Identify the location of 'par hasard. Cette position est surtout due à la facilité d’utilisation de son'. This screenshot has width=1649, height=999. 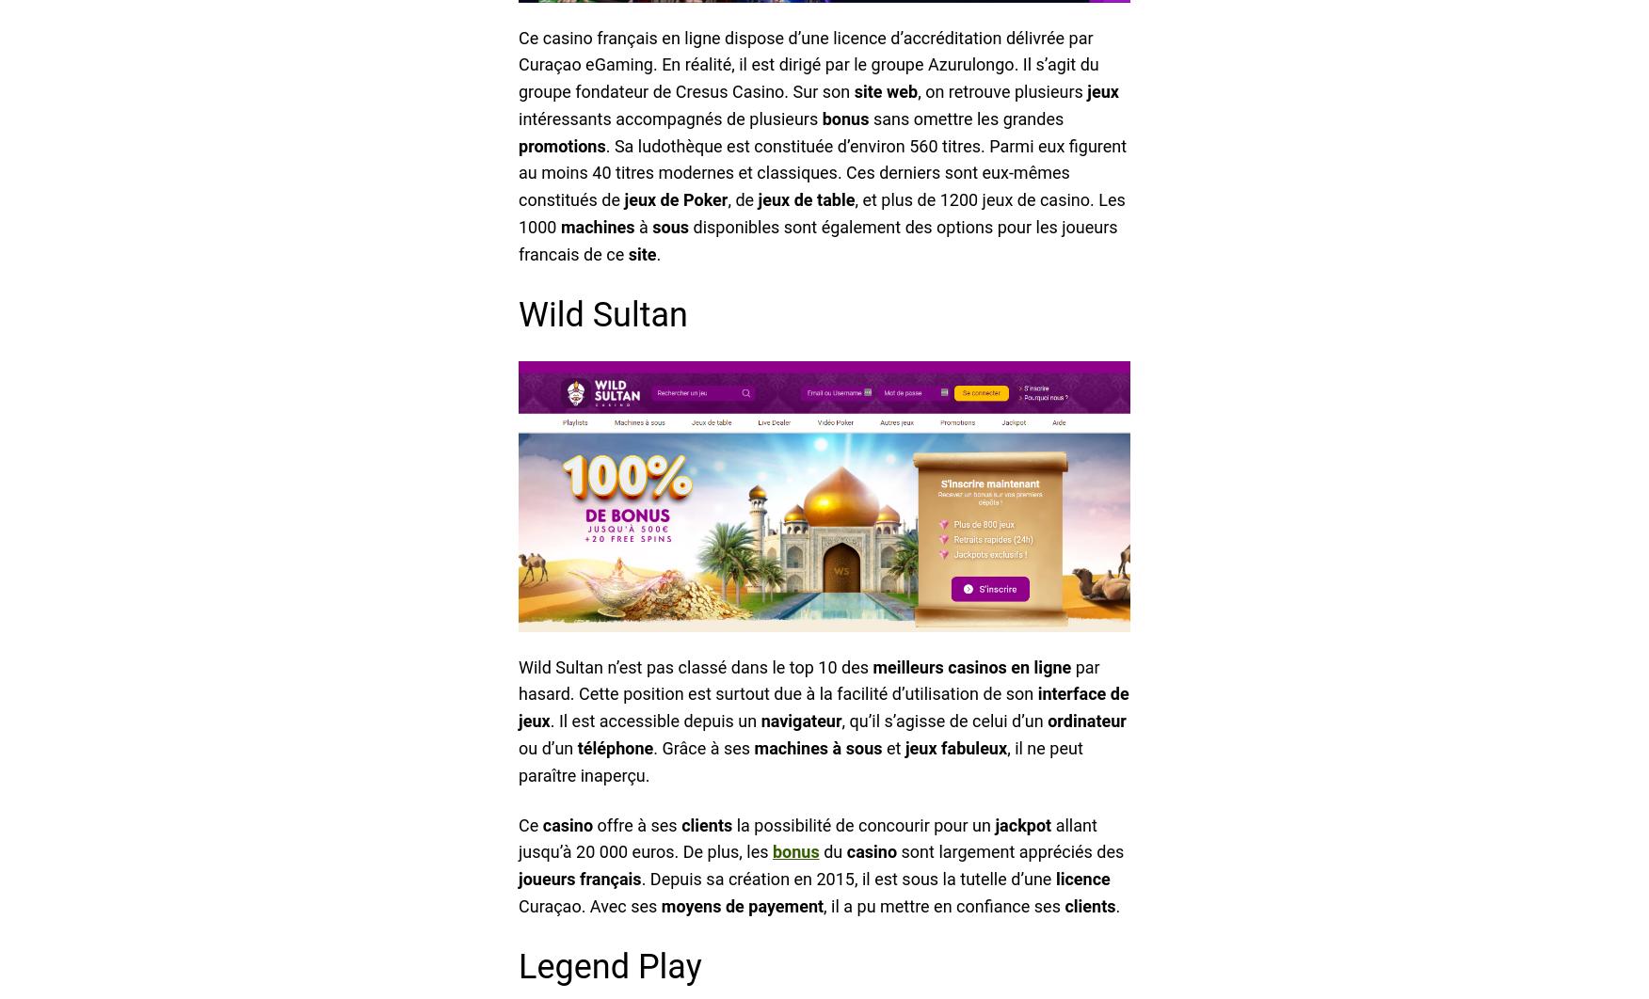
(808, 680).